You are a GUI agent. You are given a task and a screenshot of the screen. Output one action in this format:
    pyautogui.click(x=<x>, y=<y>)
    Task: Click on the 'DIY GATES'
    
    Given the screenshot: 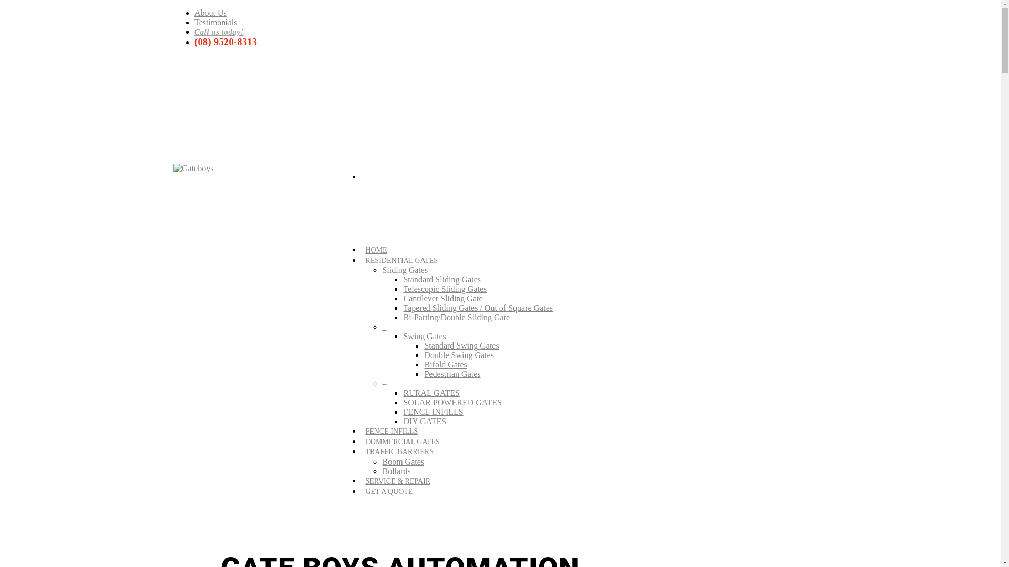 What is the action you would take?
    pyautogui.click(x=424, y=421)
    